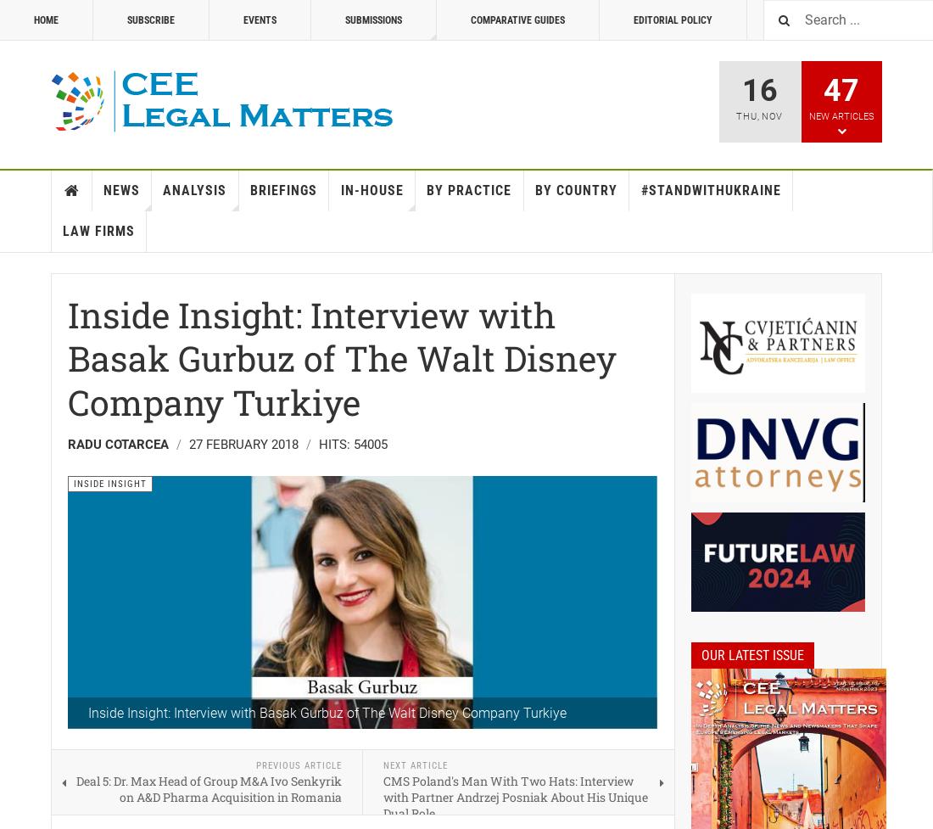  Describe the element at coordinates (746, 116) in the screenshot. I see `'Thu'` at that location.